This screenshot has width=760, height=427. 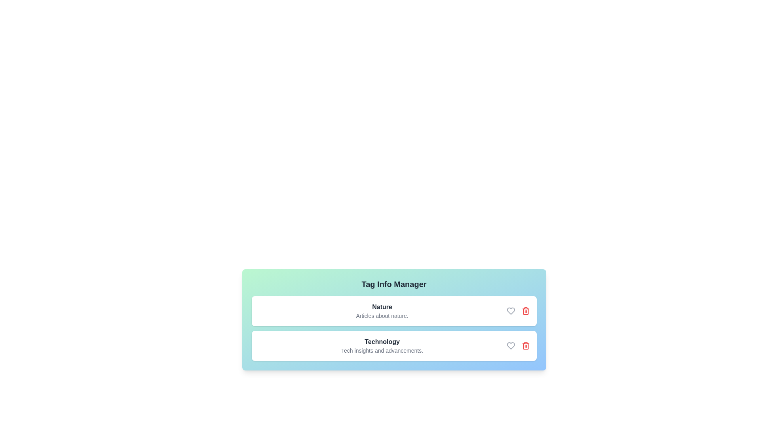 What do you see at coordinates (511, 310) in the screenshot?
I see `the heart icon corresponding to the tag labeled Nature to toggle its 'like' status` at bounding box center [511, 310].